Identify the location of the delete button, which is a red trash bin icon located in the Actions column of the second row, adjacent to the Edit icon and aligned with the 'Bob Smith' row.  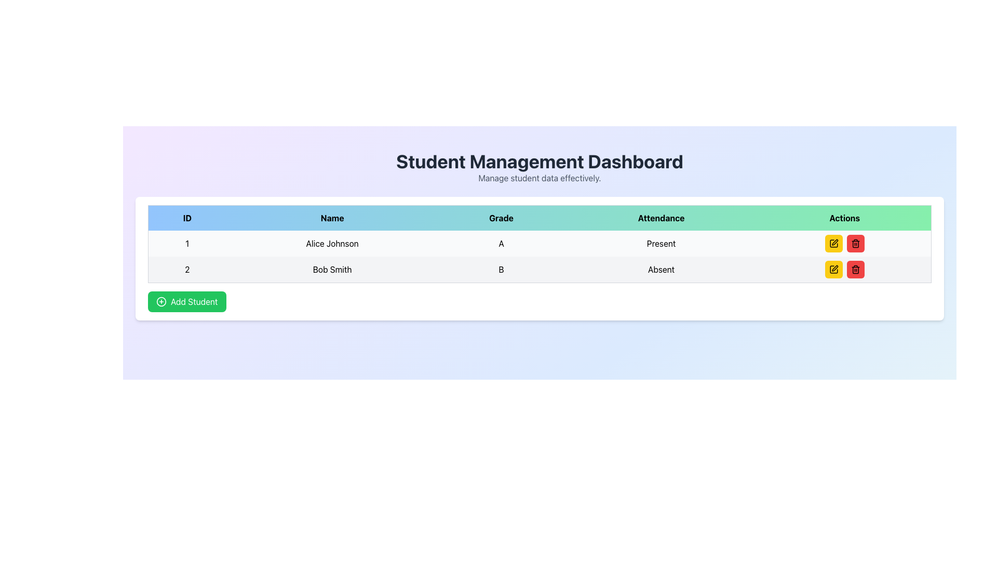
(855, 270).